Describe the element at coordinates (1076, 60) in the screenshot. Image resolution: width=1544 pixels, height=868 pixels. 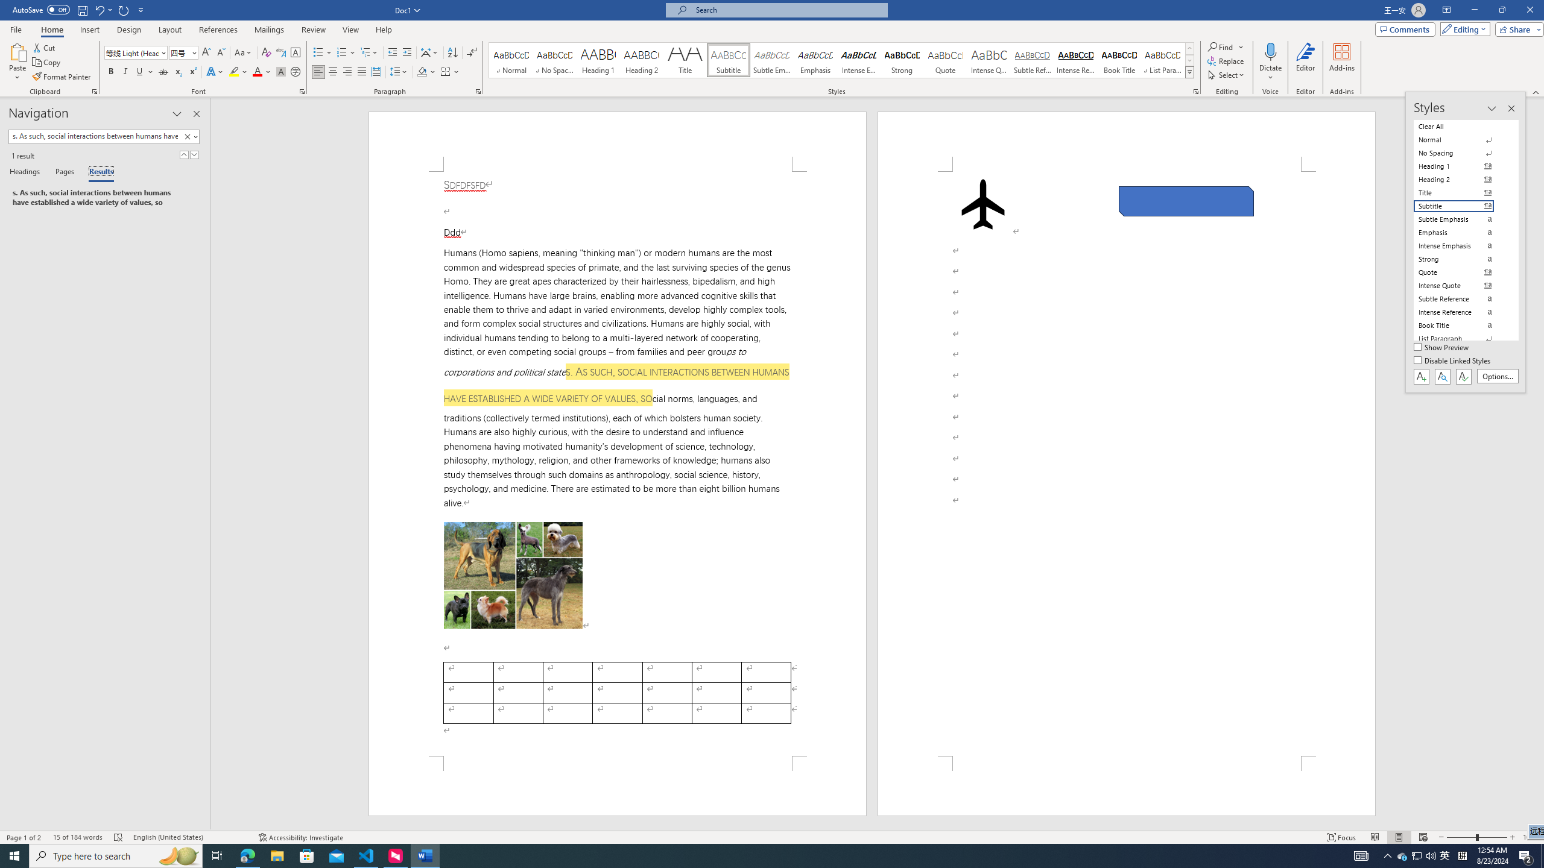
I see `'Intense Reference'` at that location.